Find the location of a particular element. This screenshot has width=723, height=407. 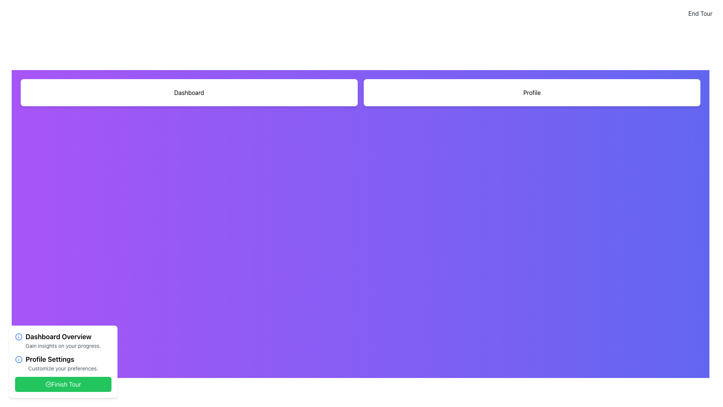

text of the label that displays 'Dashboard Overview', which is bold and large, located to the right of the informational icon is located at coordinates (58, 337).